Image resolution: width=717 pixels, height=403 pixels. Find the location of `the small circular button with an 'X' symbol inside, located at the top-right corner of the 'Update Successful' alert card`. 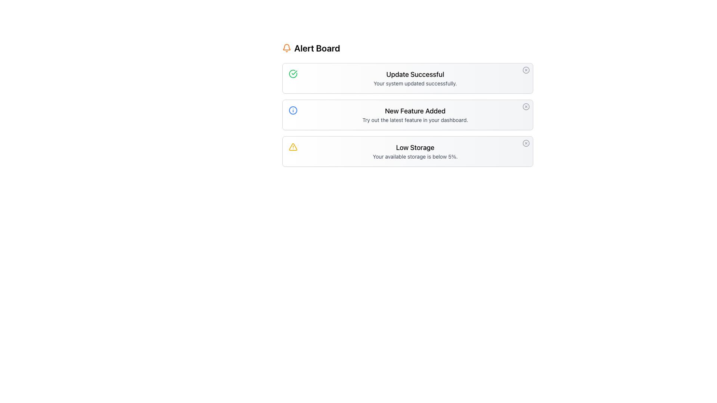

the small circular button with an 'X' symbol inside, located at the top-right corner of the 'Update Successful' alert card is located at coordinates (526, 70).